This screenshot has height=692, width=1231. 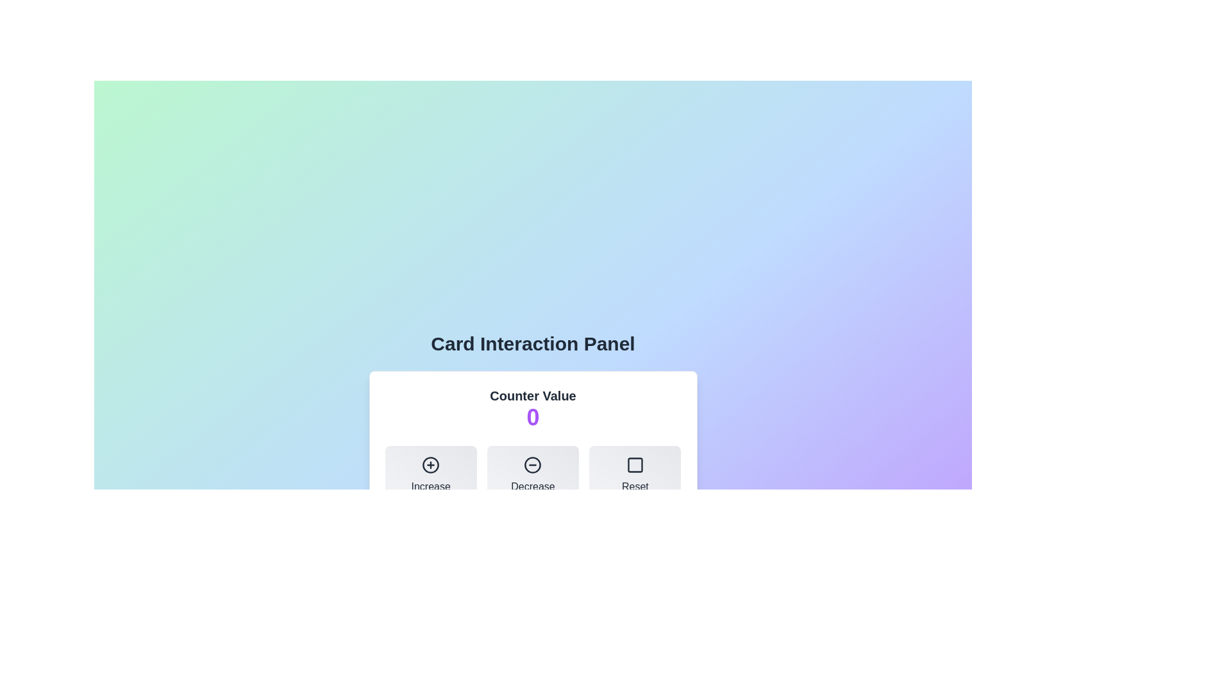 What do you see at coordinates (533, 417) in the screenshot?
I see `the static text element that displays the current count value for the counter interface, located centrally beneath 'Counter Value' and above the interactive buttons` at bounding box center [533, 417].